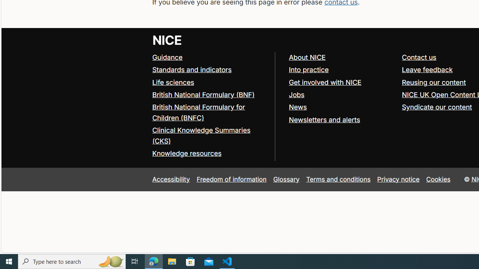  I want to click on 'Reusing our content', so click(434, 82).